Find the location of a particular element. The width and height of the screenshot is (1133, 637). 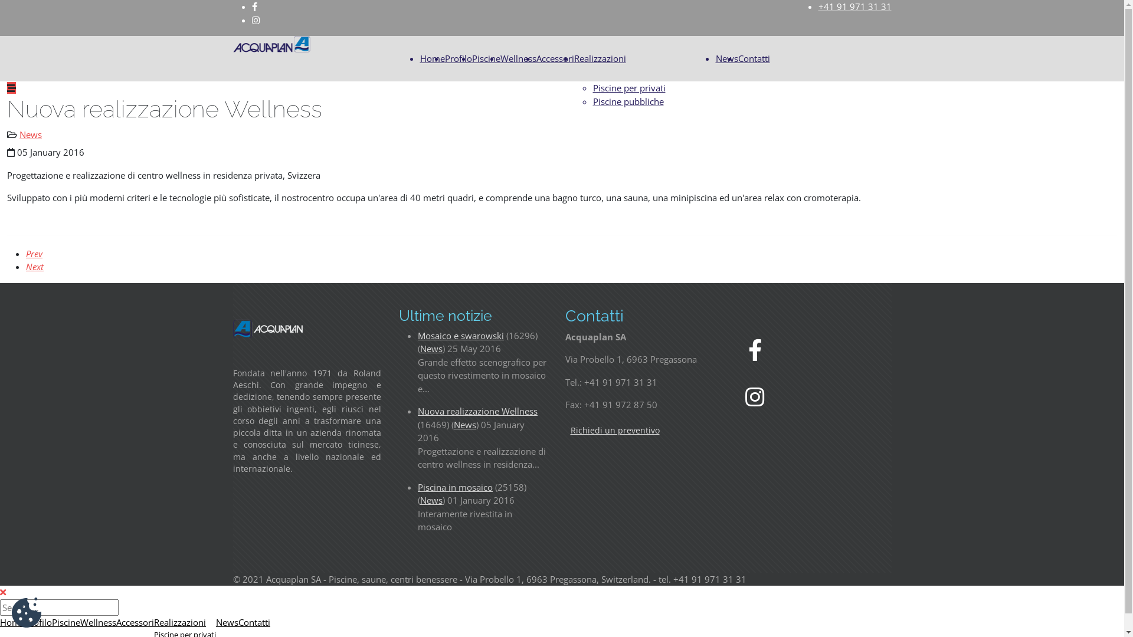

'Realizzazioni' is located at coordinates (600, 58).